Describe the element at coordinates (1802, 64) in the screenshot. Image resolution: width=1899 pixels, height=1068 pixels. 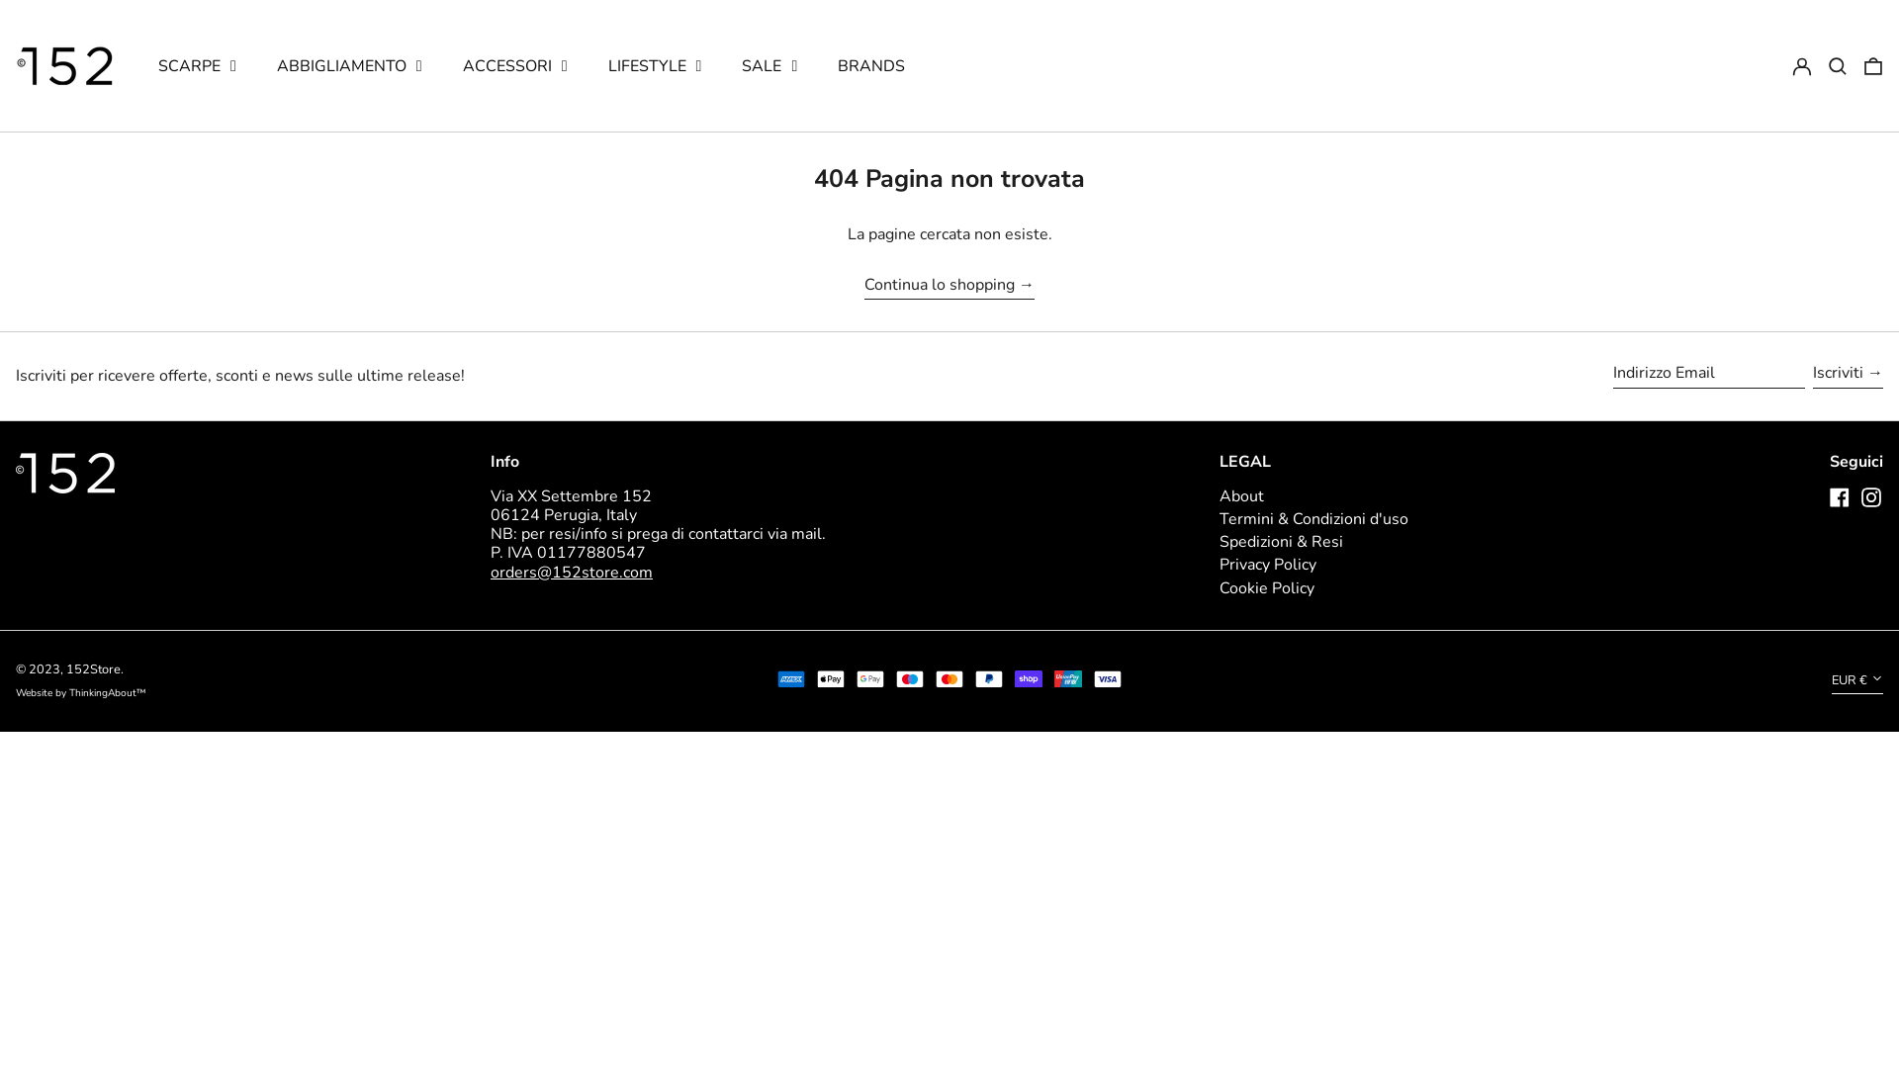
I see `'Log in'` at that location.